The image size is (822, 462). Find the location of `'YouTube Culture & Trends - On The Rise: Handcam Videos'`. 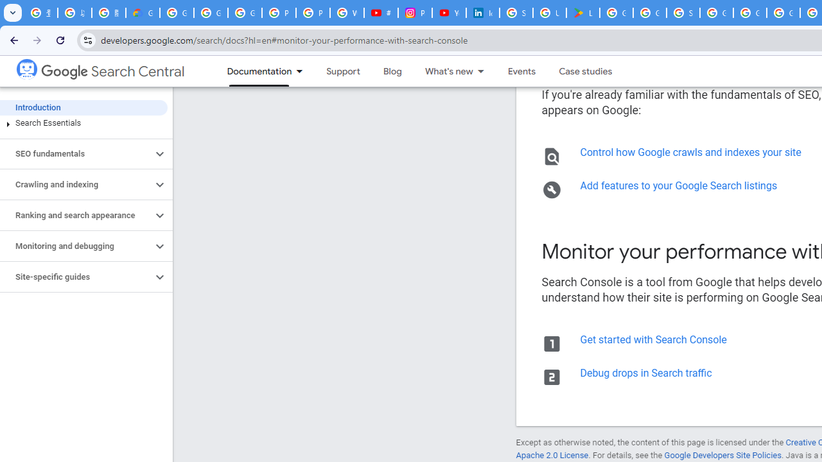

'YouTube Culture & Trends - On The Rise: Handcam Videos' is located at coordinates (449, 13).